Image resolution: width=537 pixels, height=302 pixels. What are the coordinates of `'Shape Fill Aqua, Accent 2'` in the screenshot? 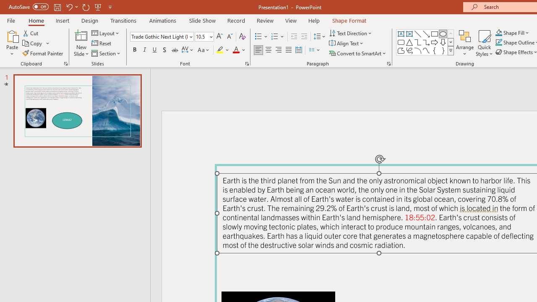 It's located at (499, 32).